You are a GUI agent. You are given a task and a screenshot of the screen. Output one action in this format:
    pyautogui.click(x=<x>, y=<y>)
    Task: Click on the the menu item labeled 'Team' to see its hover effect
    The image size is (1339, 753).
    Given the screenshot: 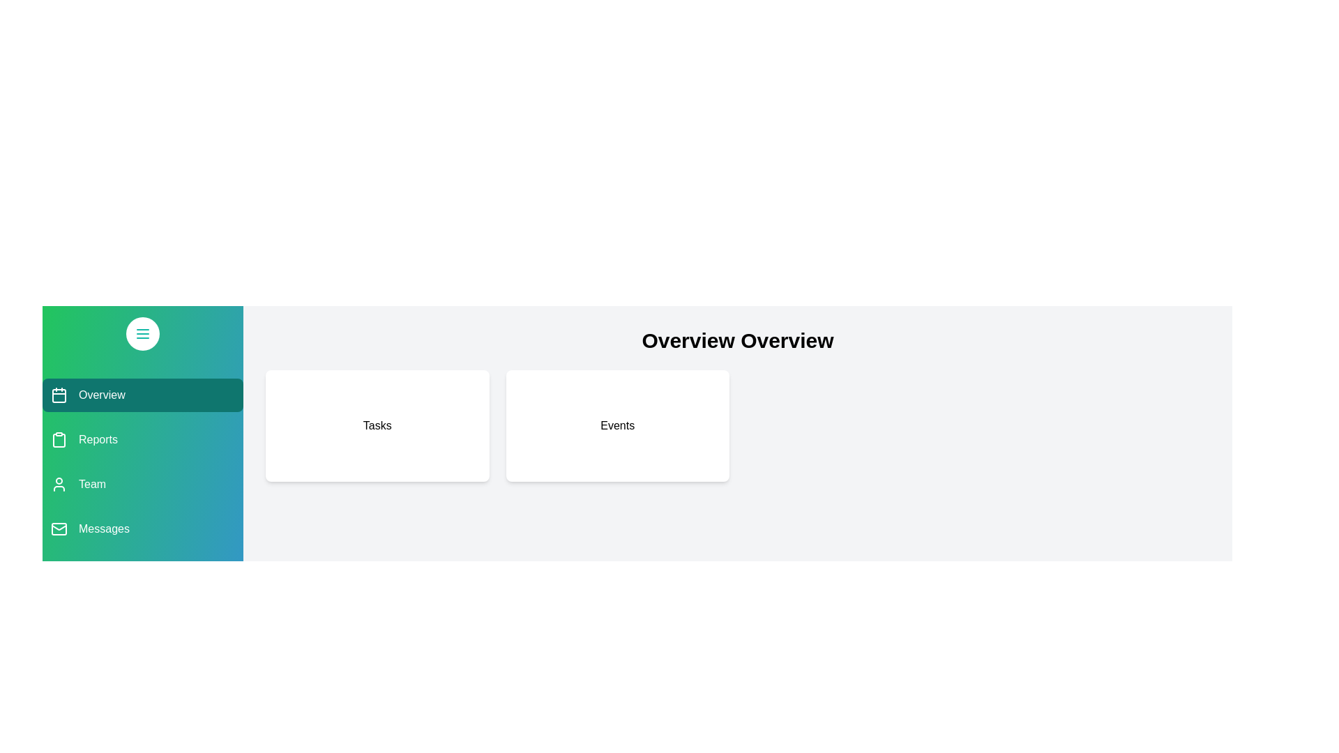 What is the action you would take?
    pyautogui.click(x=143, y=483)
    